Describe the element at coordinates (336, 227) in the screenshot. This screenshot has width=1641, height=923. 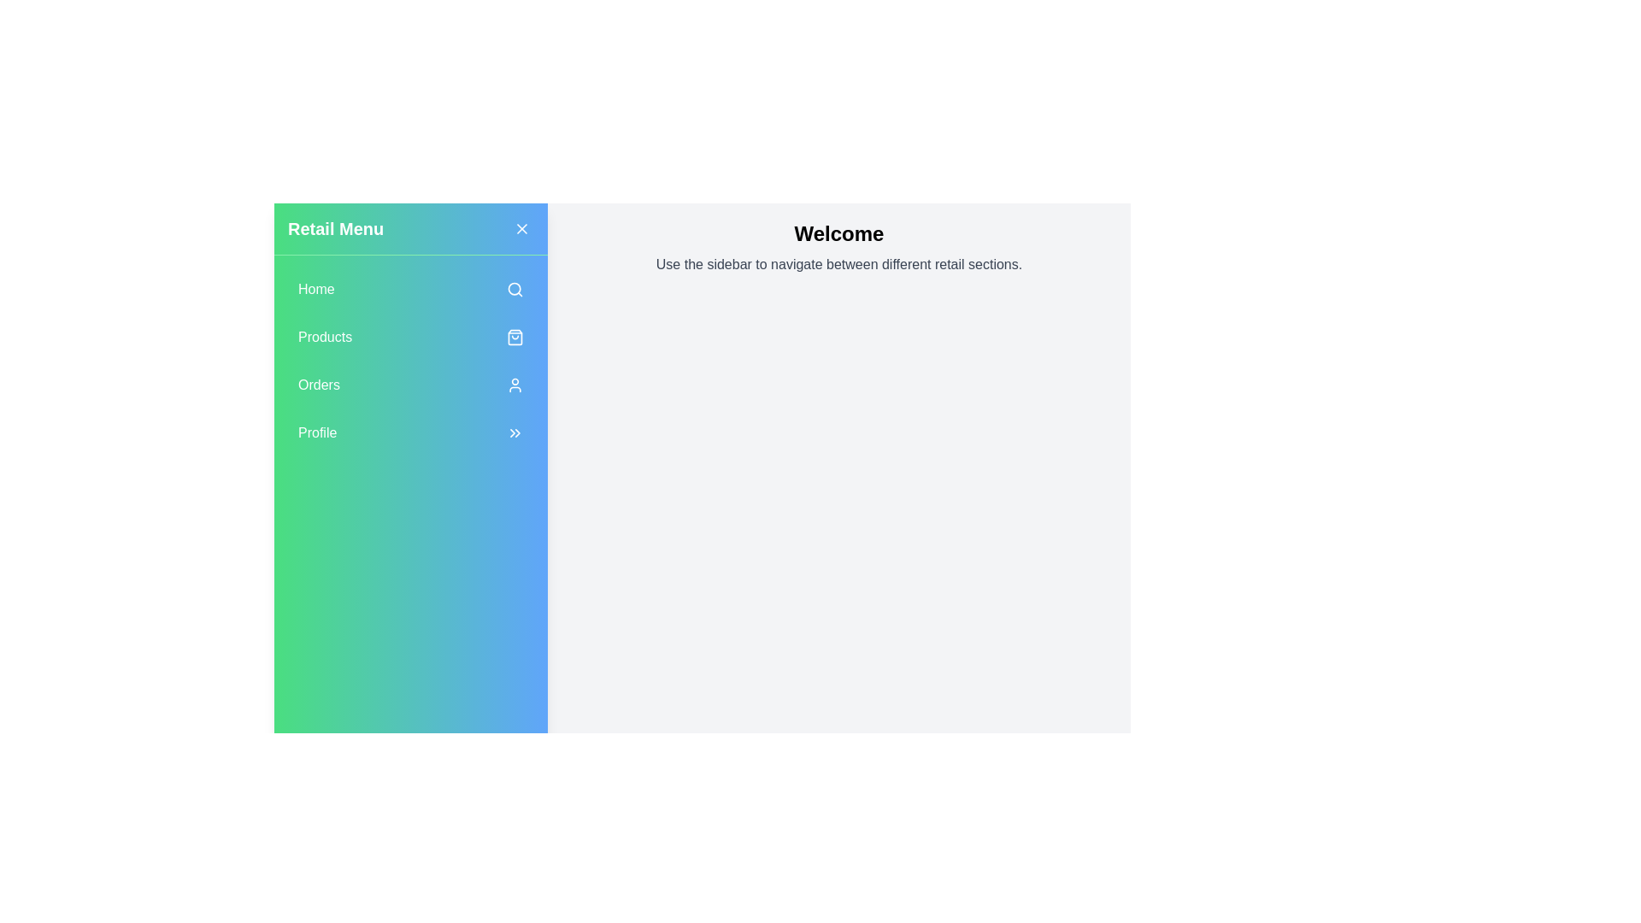
I see `the heading text in the sidebar that indicates its purpose as a menu related to retail management` at that location.